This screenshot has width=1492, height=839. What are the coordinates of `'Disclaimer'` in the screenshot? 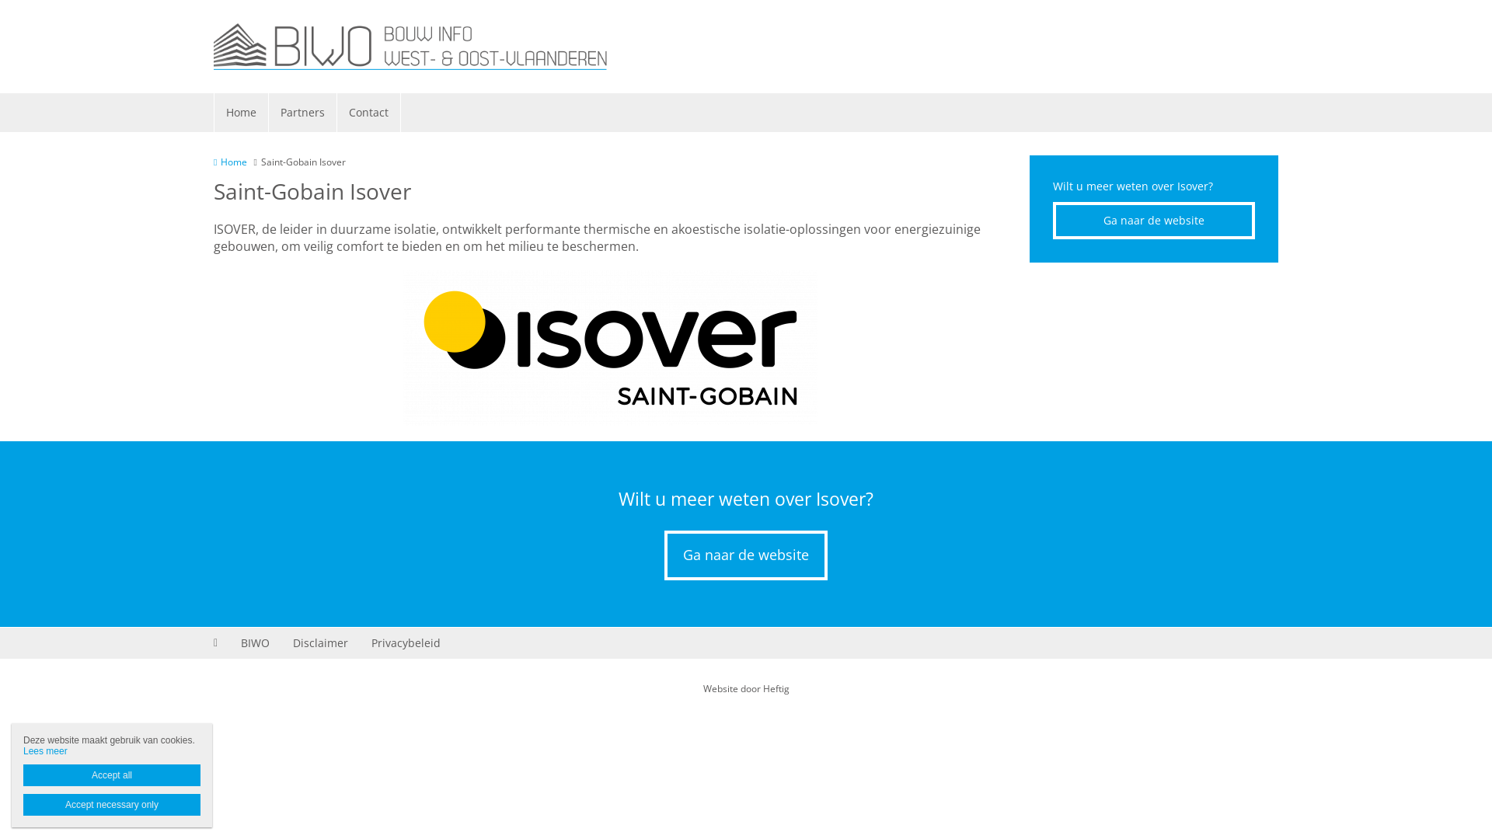 It's located at (319, 643).